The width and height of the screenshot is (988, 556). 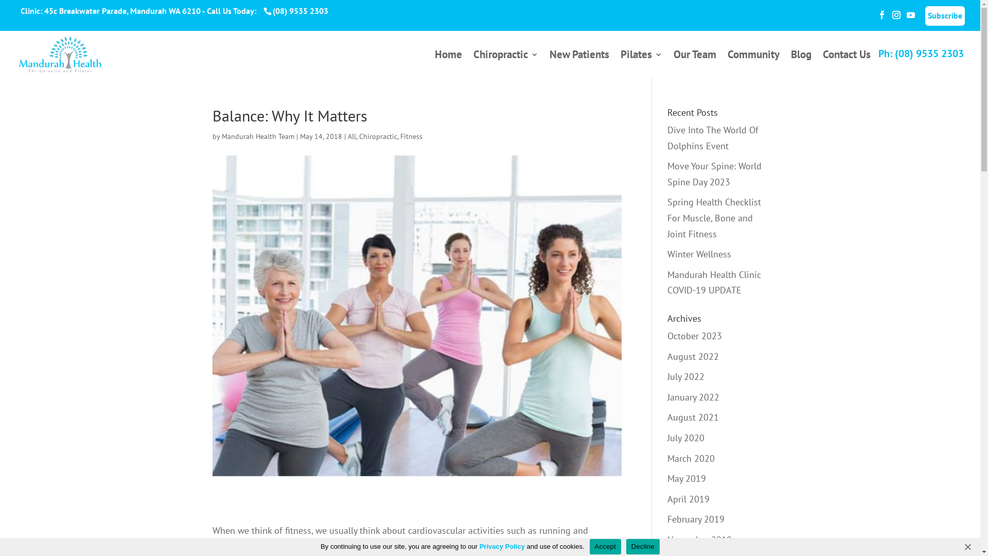 I want to click on 'October 2023', so click(x=694, y=336).